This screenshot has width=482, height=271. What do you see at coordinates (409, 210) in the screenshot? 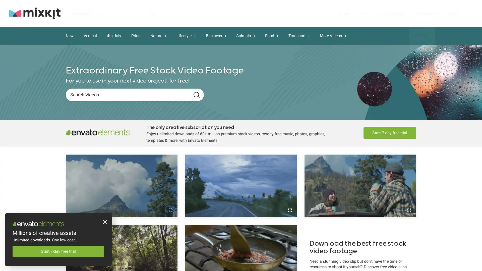
I see `View Fullscreen` at bounding box center [409, 210].